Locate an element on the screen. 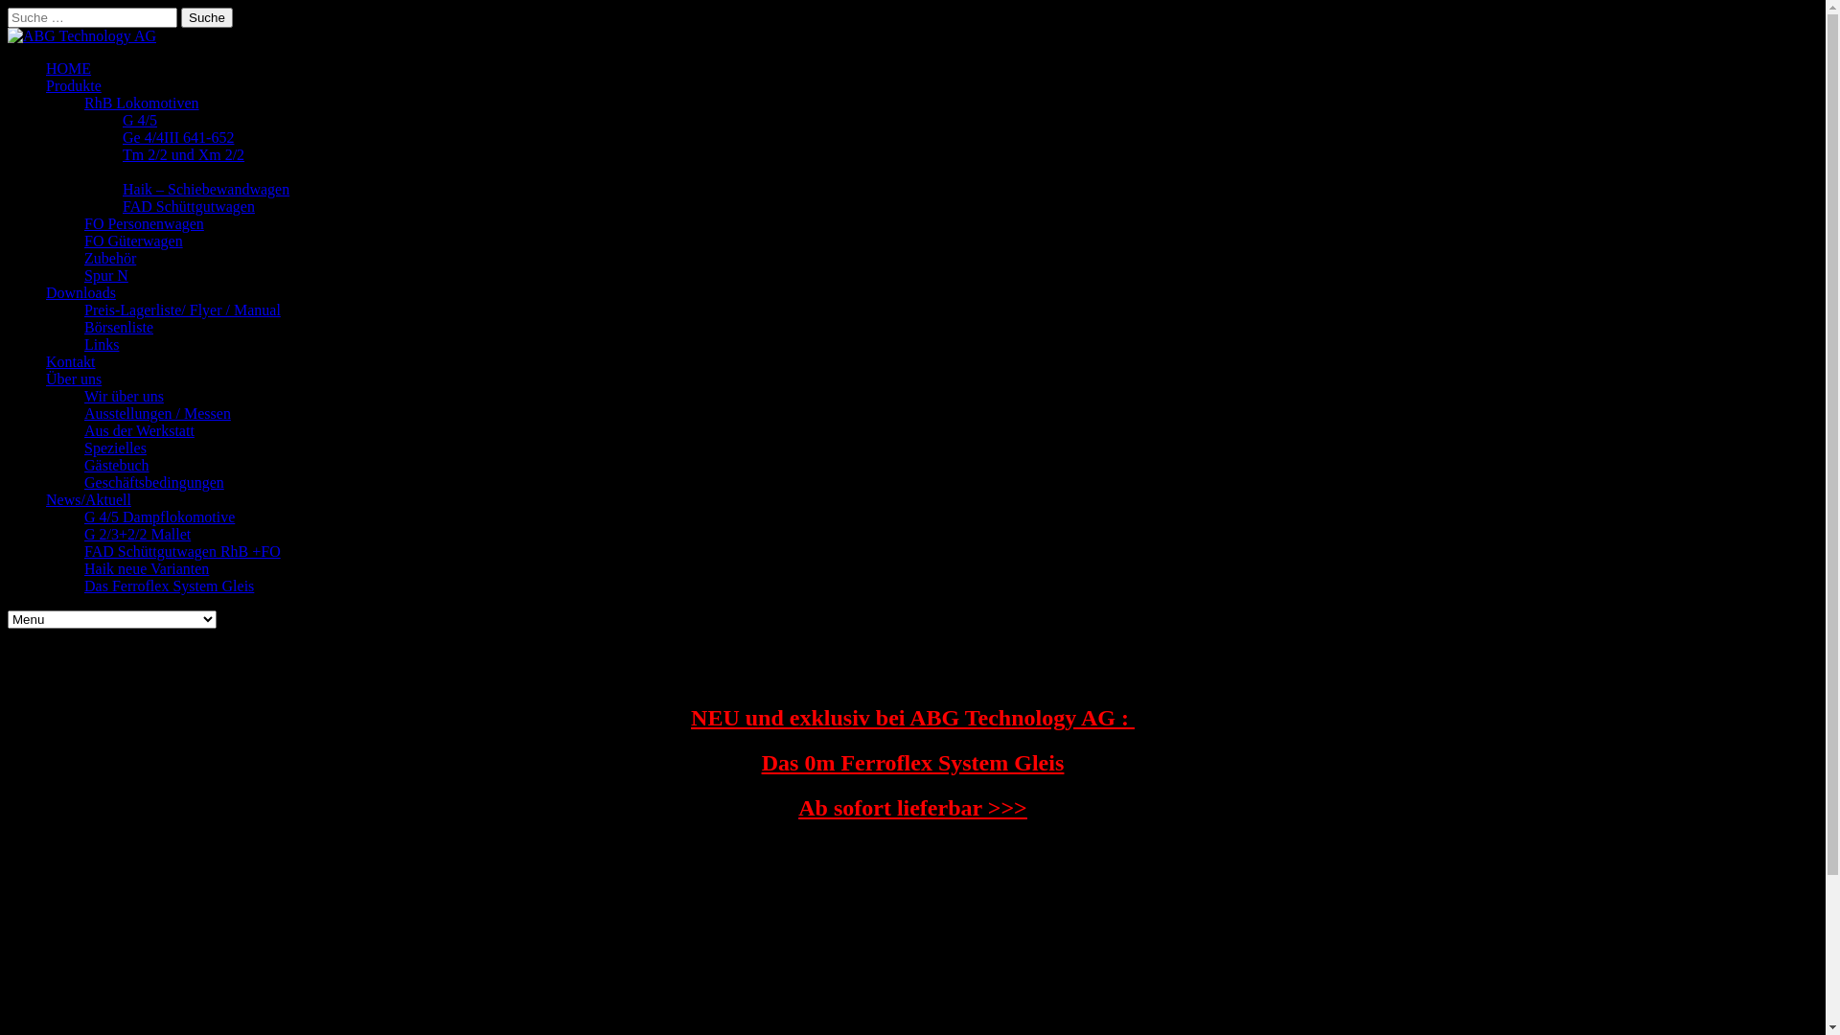  'Ausstellungen / Messen' is located at coordinates (157, 412).